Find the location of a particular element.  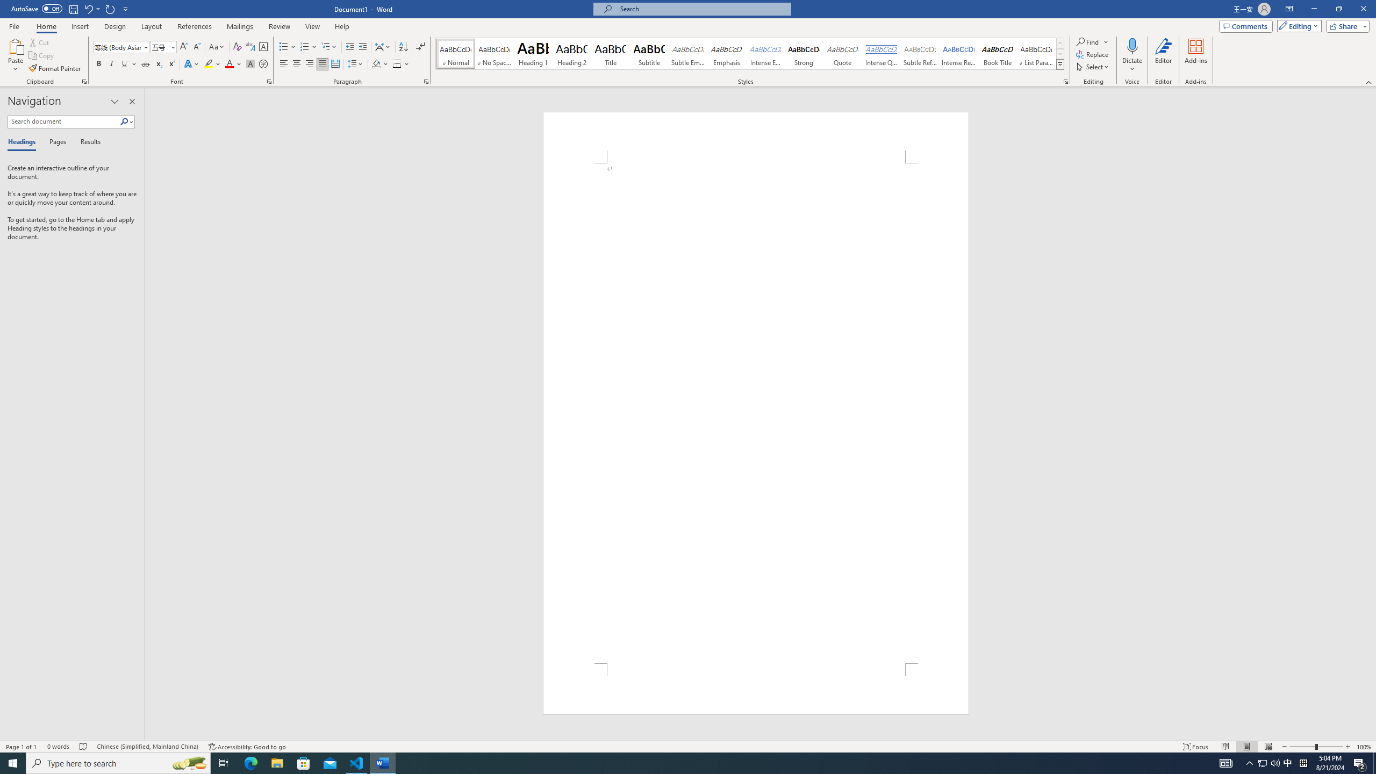

'Intense Emphasis' is located at coordinates (764, 53).